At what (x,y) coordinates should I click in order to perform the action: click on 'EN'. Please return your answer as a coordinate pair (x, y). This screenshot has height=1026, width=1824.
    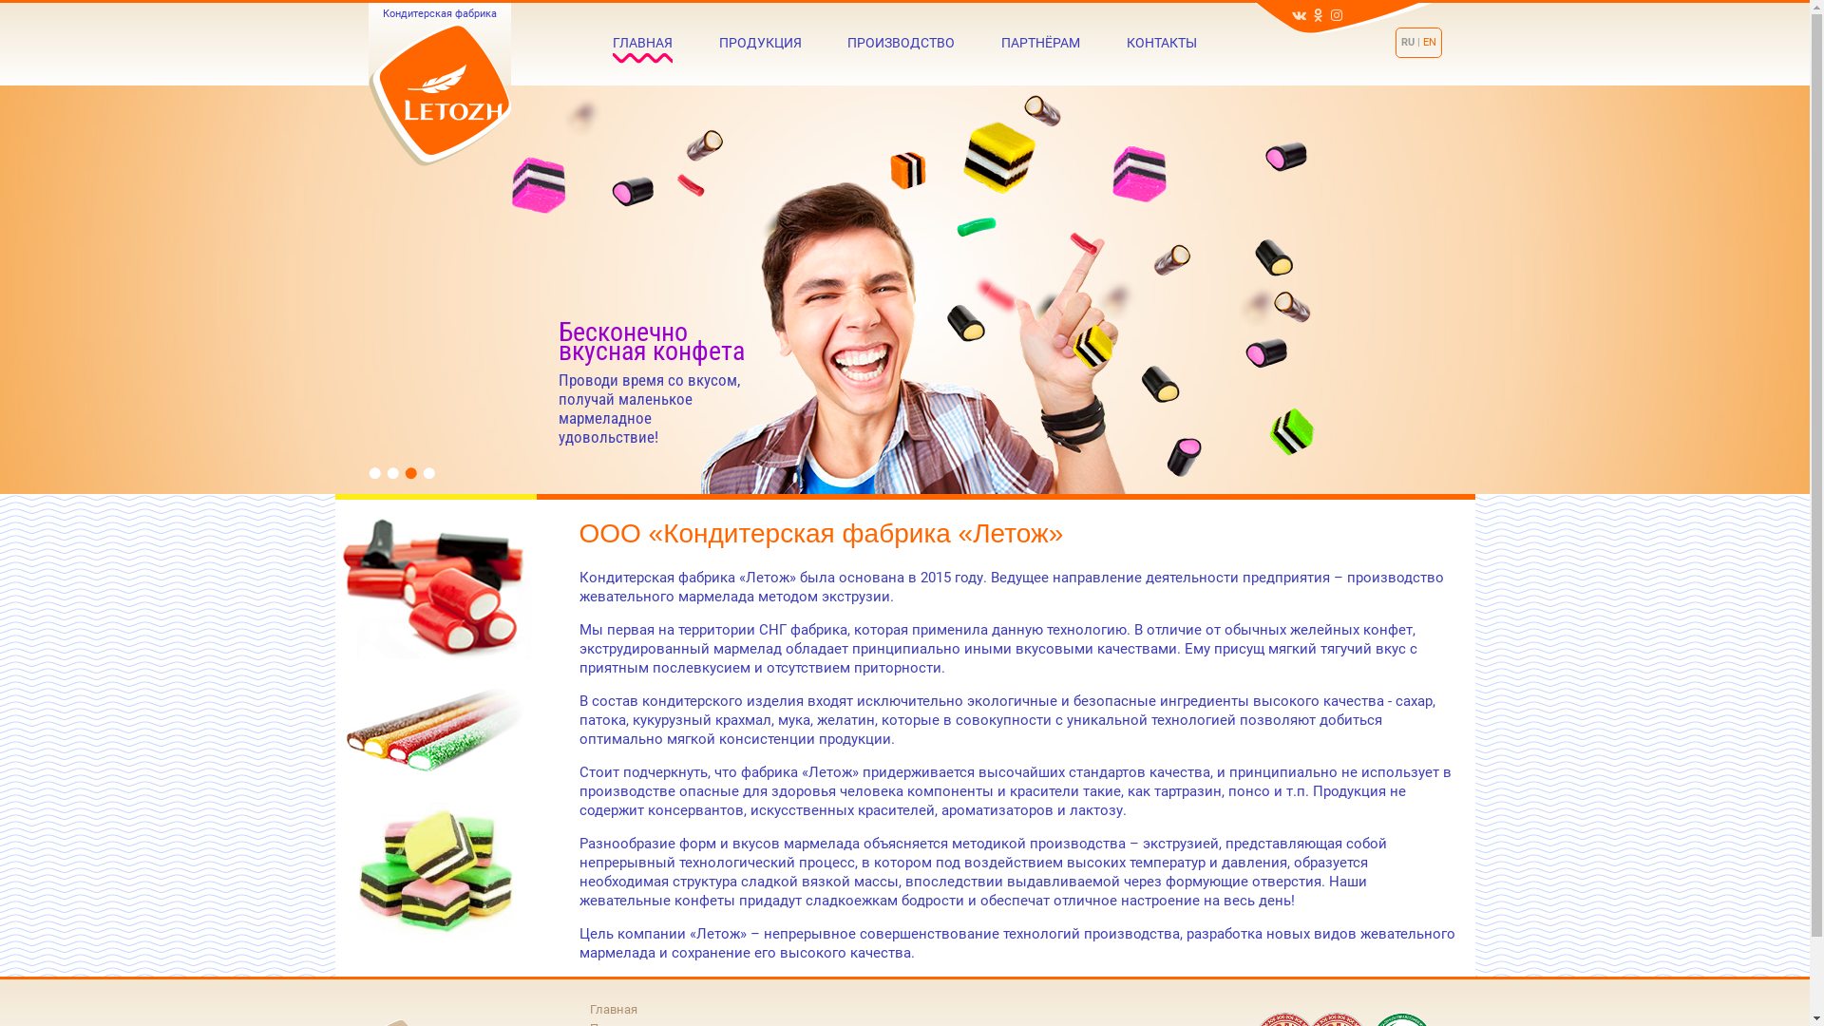
    Looking at the image, I should click on (1430, 42).